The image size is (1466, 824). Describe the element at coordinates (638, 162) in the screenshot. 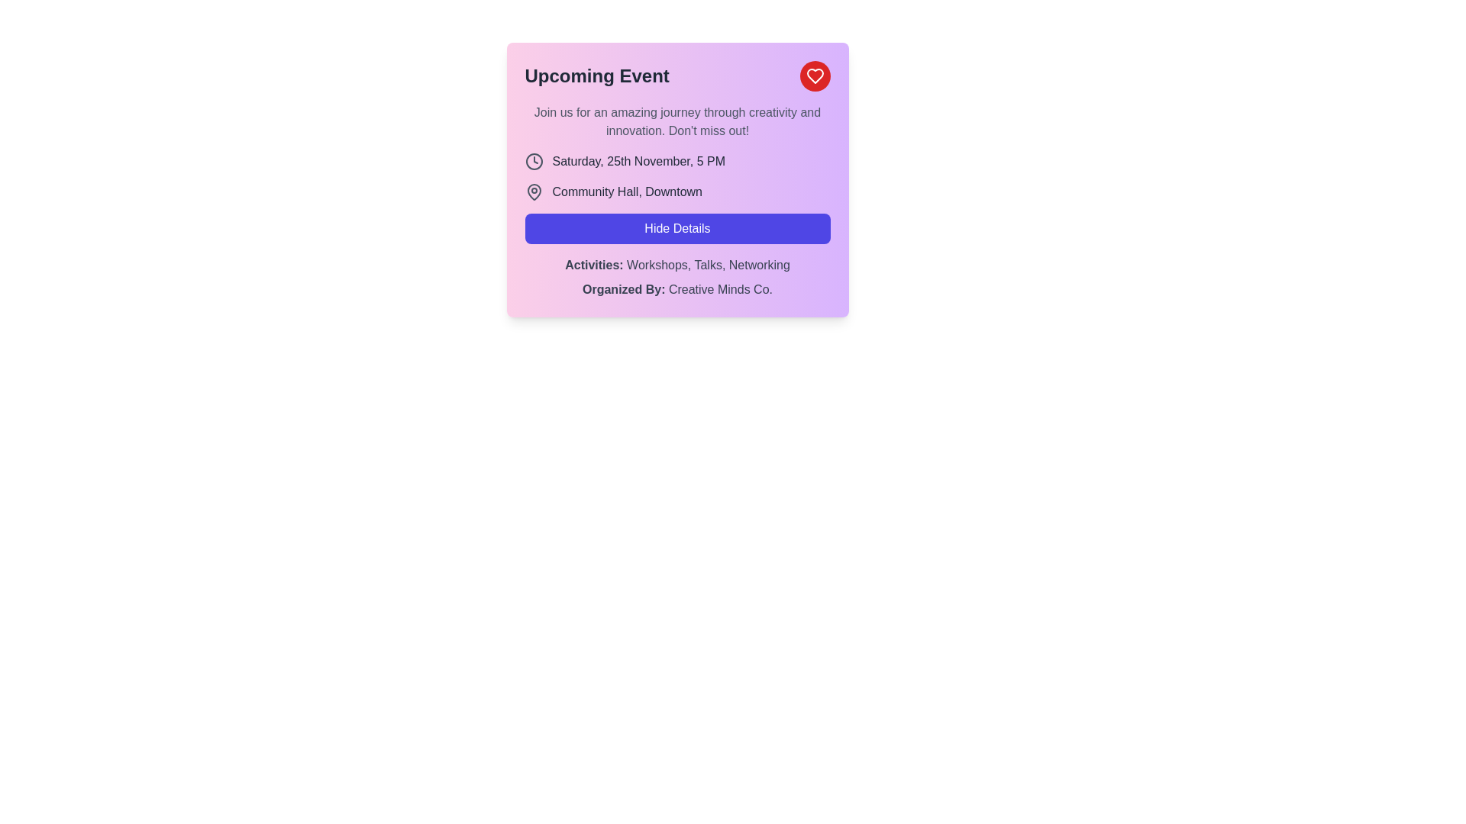

I see `the static text displaying 'Saturday, 25th November, 5 PM', which is located under the clock icon within the event details card` at that location.